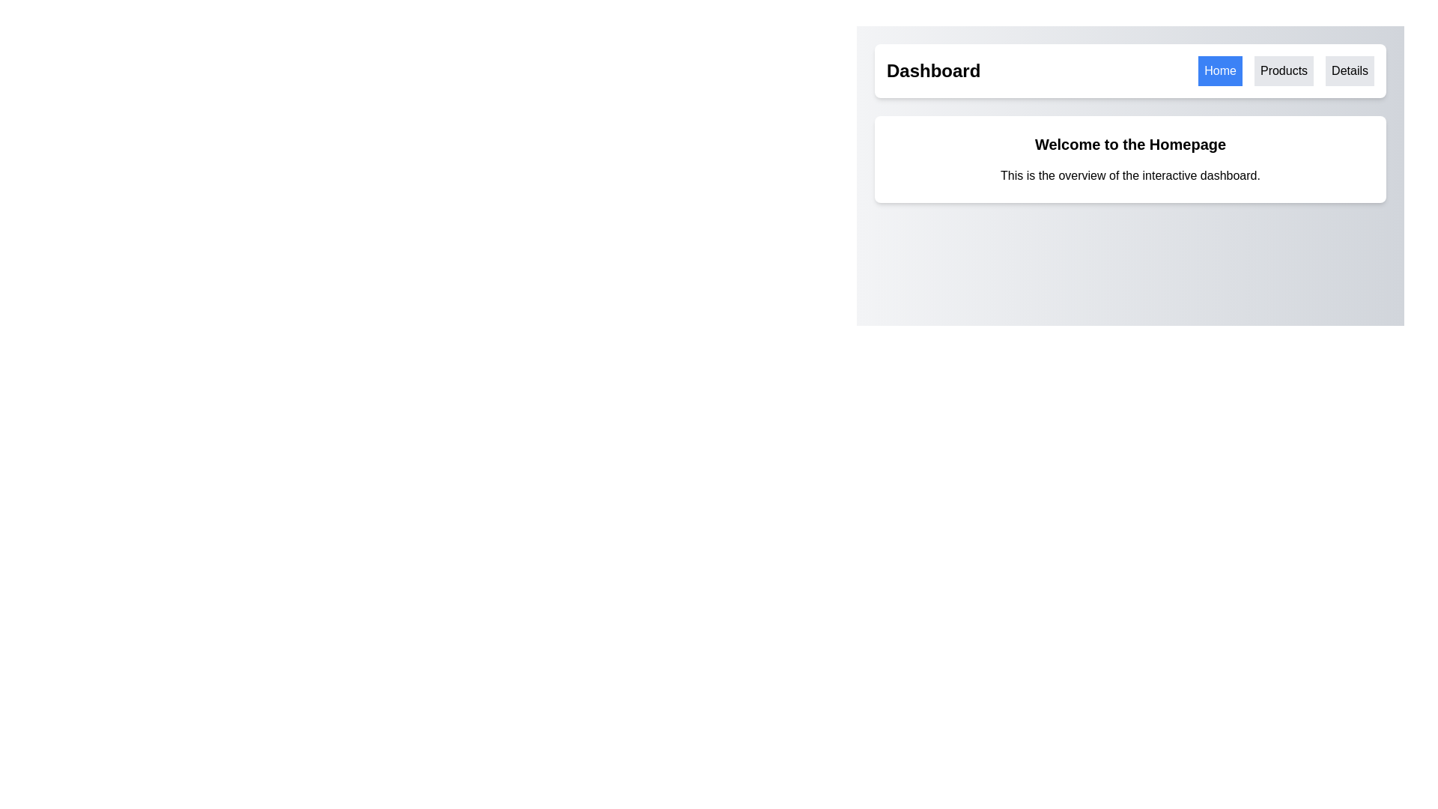 This screenshot has width=1438, height=809. I want to click on the static text label that provides informational context about the interactive dashboard, located immediately below the 'Welcome to the Homepage.' text, so click(1130, 175).